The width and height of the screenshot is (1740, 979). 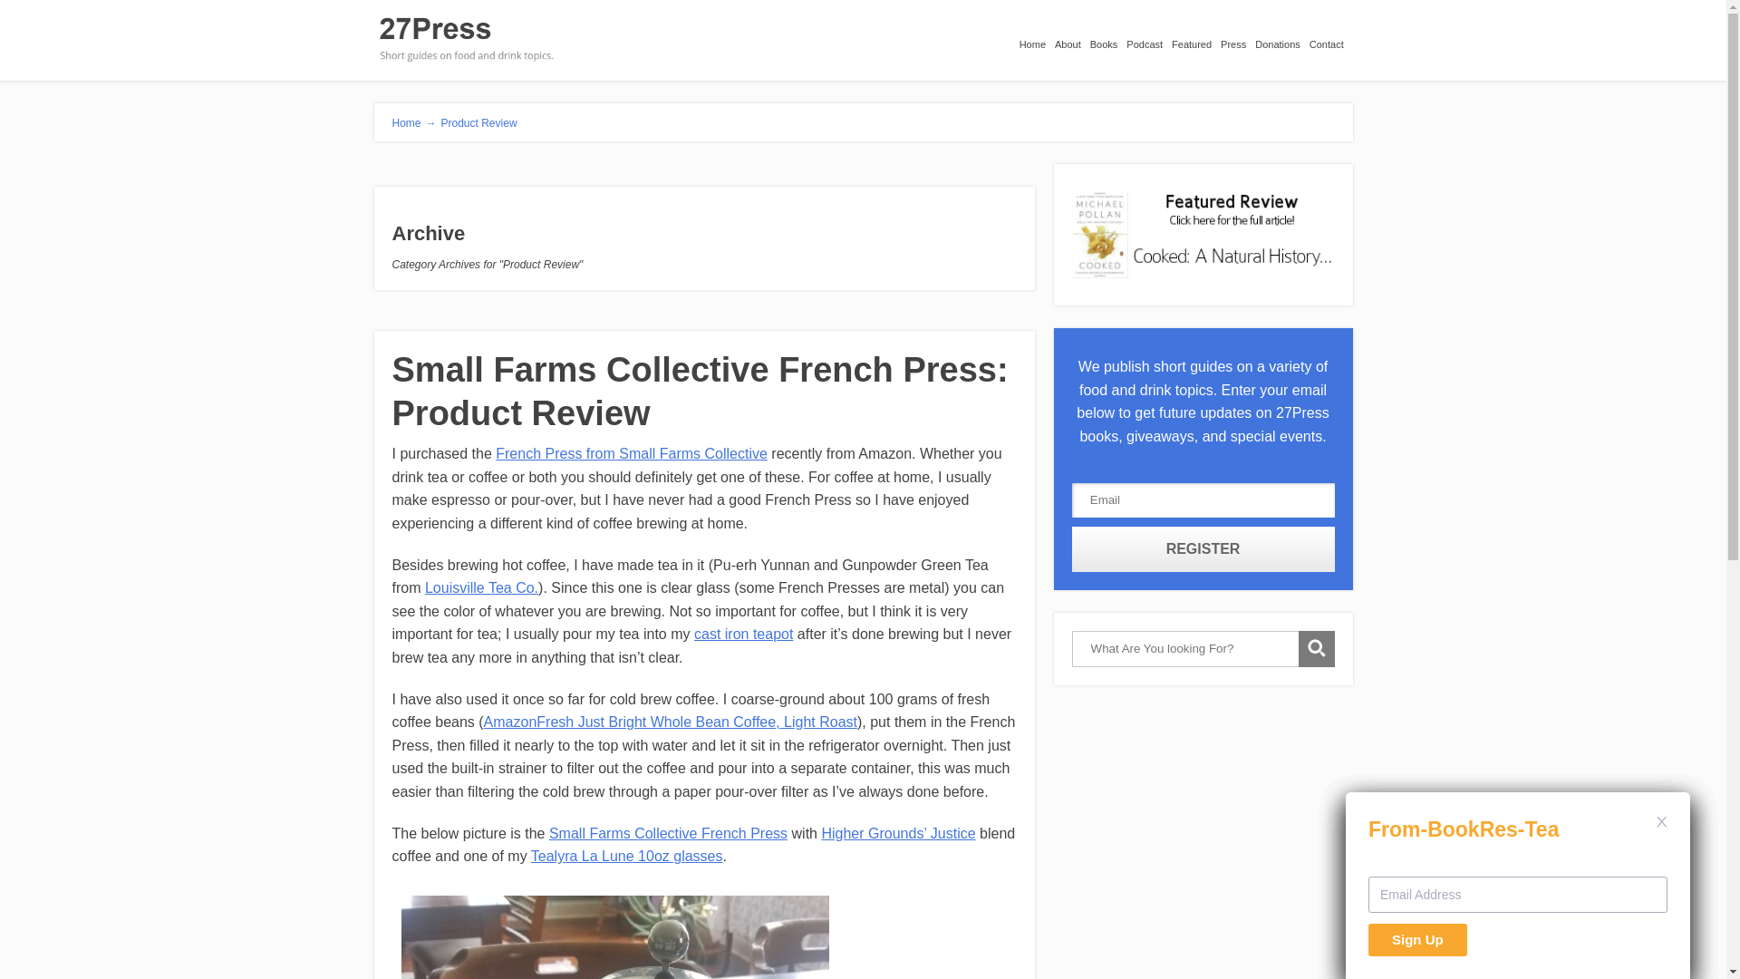 What do you see at coordinates (1147, 39) in the screenshot?
I see `'Podcast'` at bounding box center [1147, 39].